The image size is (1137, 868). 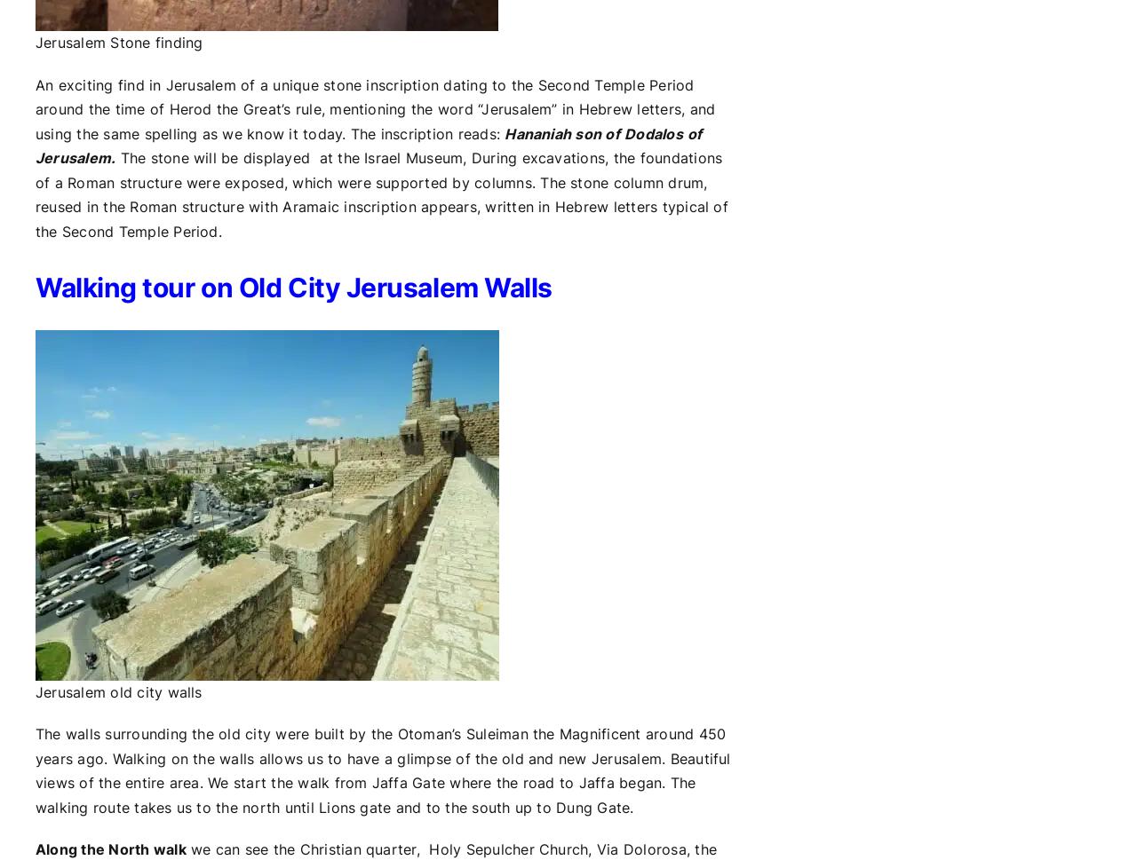 What do you see at coordinates (109, 848) in the screenshot?
I see `'Along the North walk'` at bounding box center [109, 848].